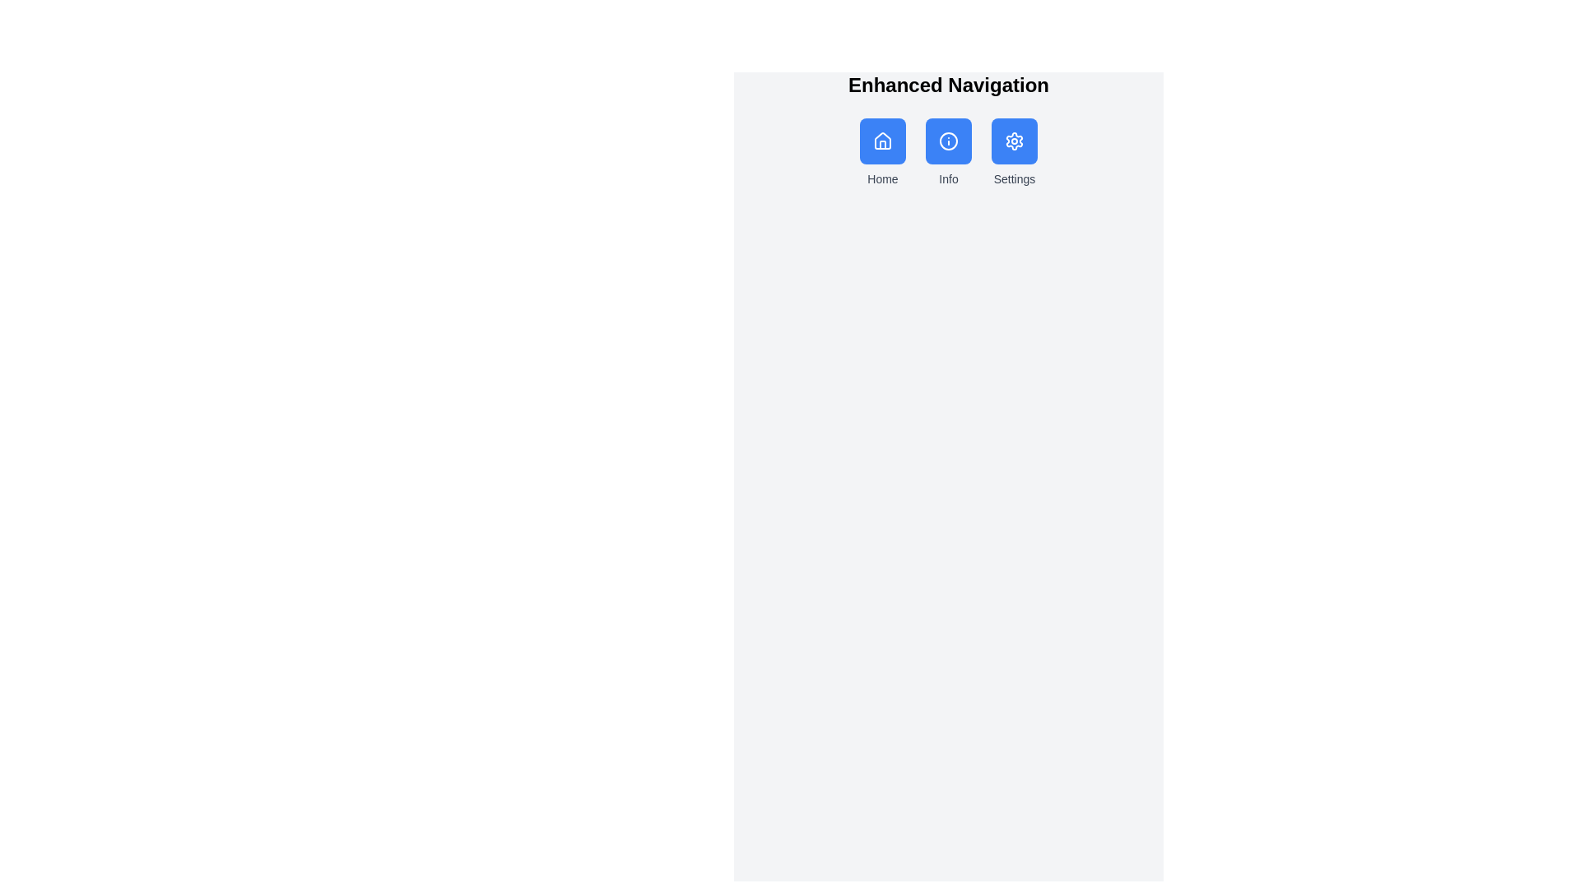 This screenshot has height=888, width=1580. Describe the element at coordinates (948, 86) in the screenshot. I see `the header text label that describes the current section of the interface, positioned above the 'Home', 'Info', and 'Settings' icons` at that location.